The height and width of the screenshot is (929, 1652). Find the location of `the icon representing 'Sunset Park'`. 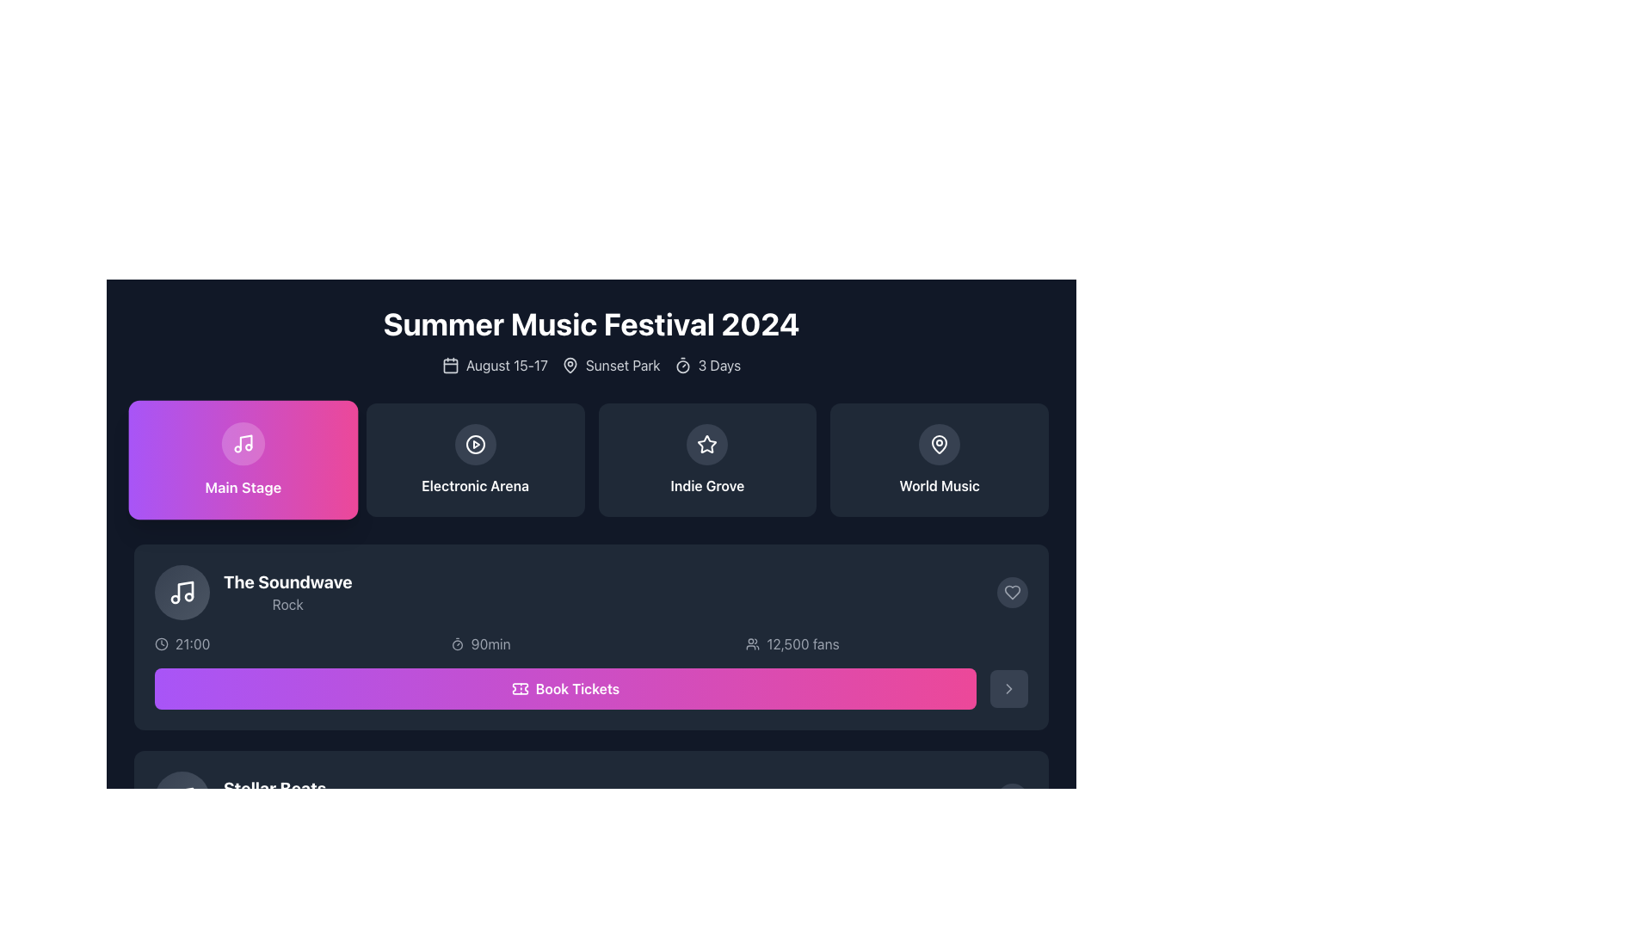

the icon representing 'Sunset Park' is located at coordinates (570, 364).